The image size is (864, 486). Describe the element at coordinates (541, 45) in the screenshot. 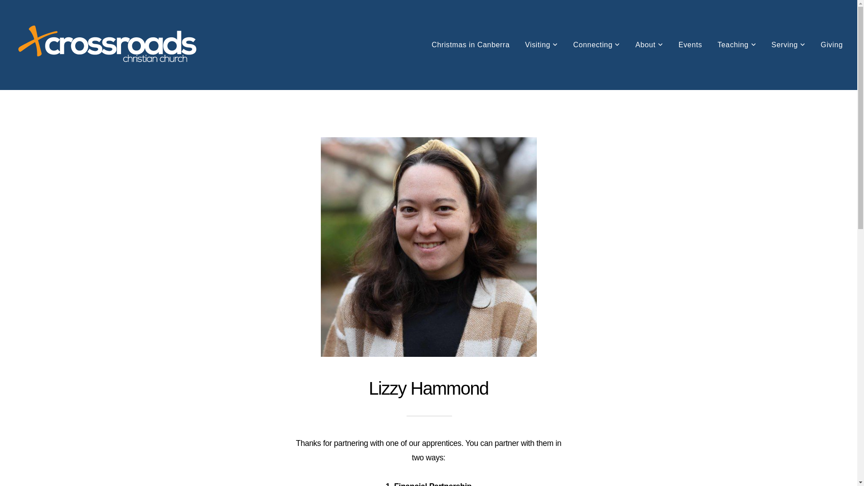

I see `'Visiting '` at that location.